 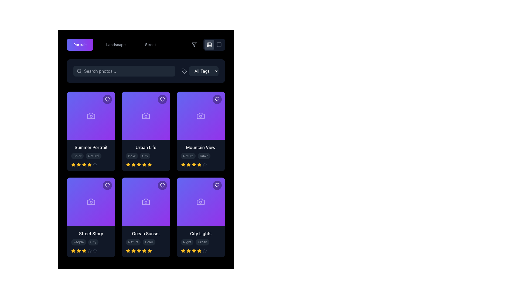 What do you see at coordinates (146, 251) in the screenshot?
I see `the Rating Component that visually represents a 4.5 out of 5 rating for the 'Ocean Sunset' card, located at the bottom of the card underneath the tags 'Nature' and 'Color'` at bounding box center [146, 251].